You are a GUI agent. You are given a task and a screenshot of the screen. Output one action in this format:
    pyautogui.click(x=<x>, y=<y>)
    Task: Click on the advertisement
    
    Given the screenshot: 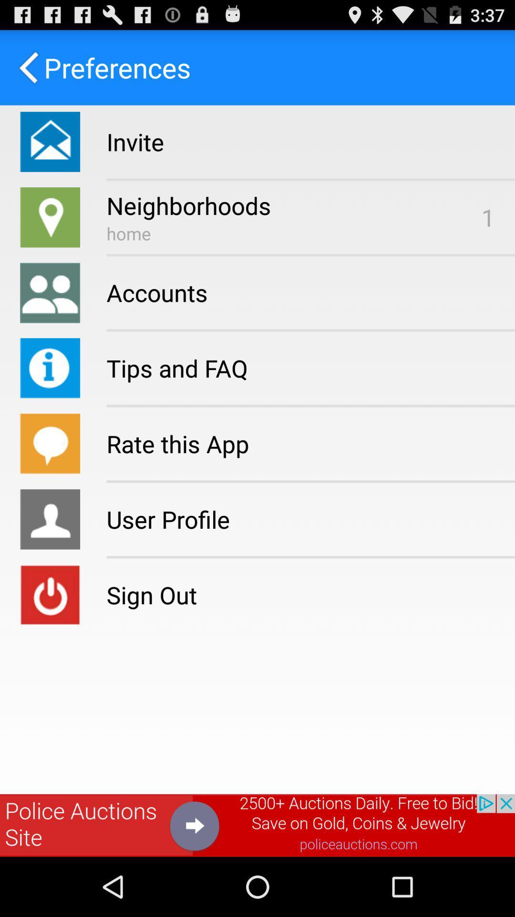 What is the action you would take?
    pyautogui.click(x=257, y=825)
    